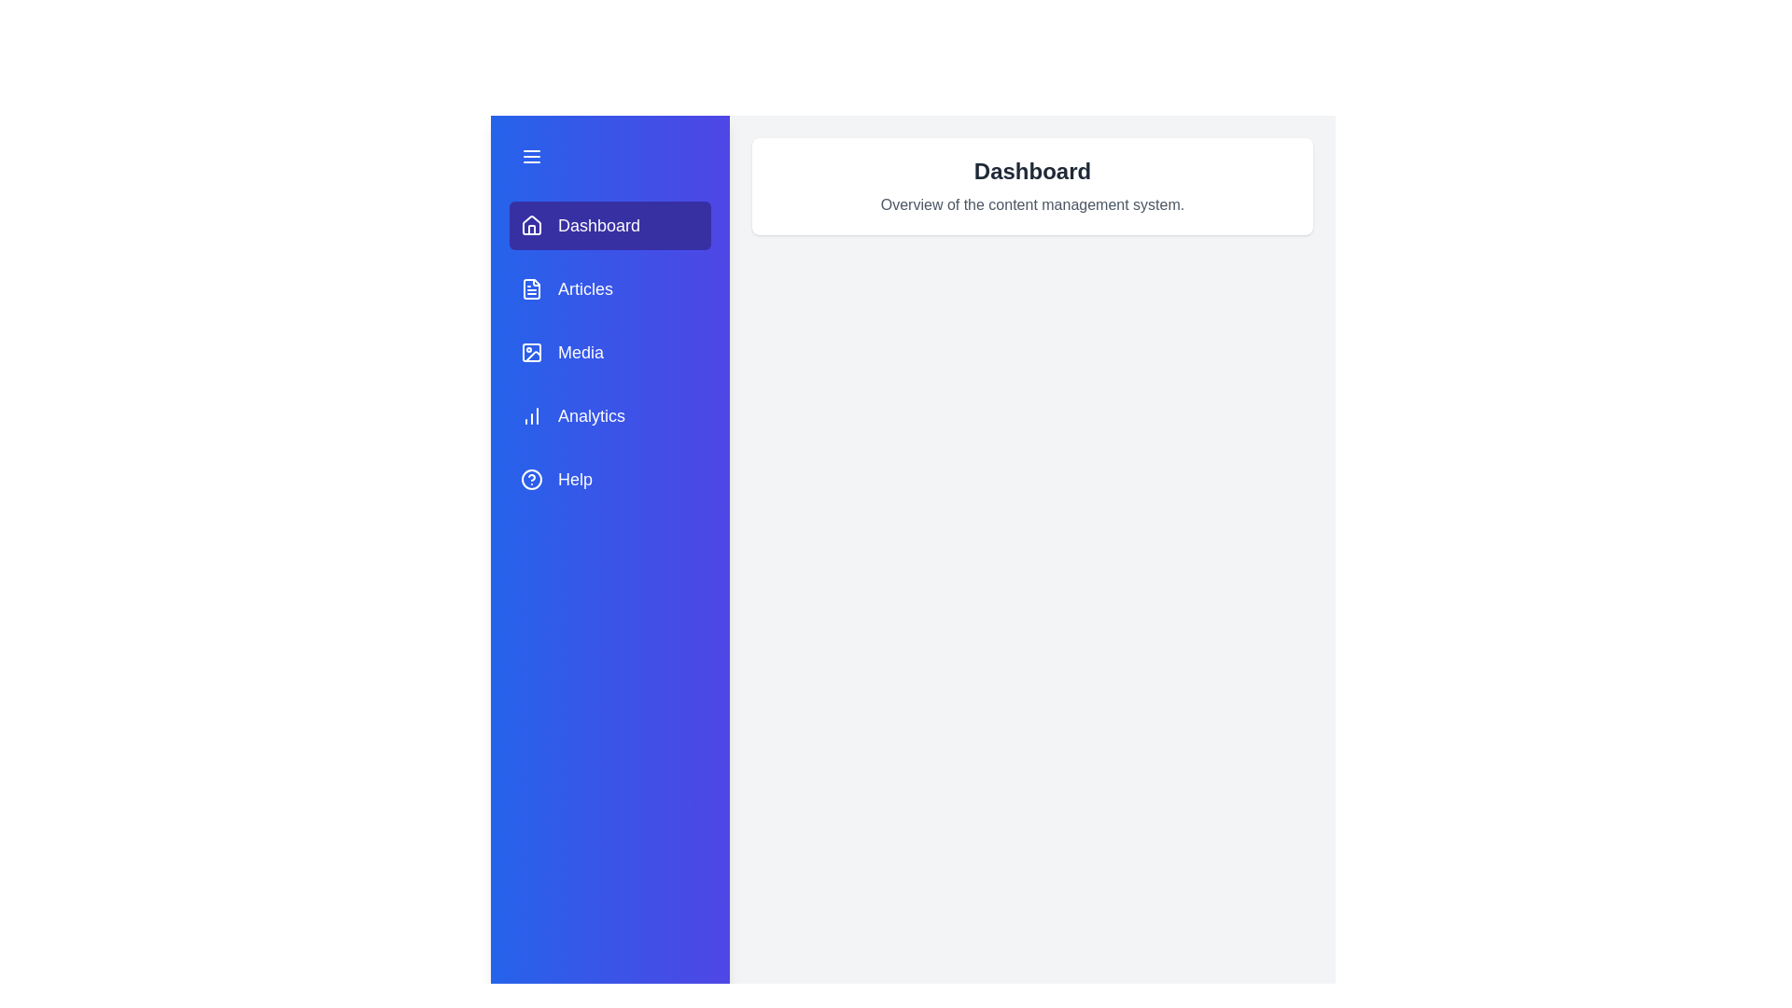 This screenshot has height=1008, width=1792. I want to click on the tab labeled Dashboard to change the active section, so click(609, 225).